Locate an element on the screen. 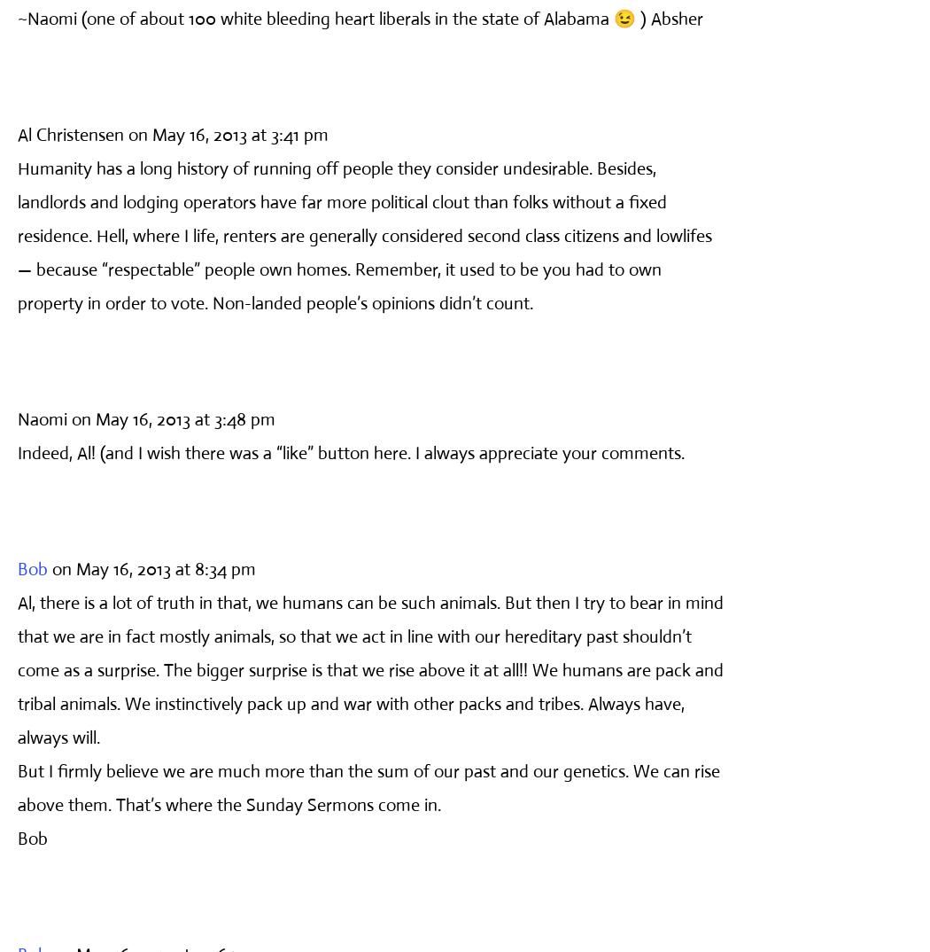 This screenshot has width=930, height=952. 'on May 16, 2013 at 3:48 pm' is located at coordinates (173, 417).